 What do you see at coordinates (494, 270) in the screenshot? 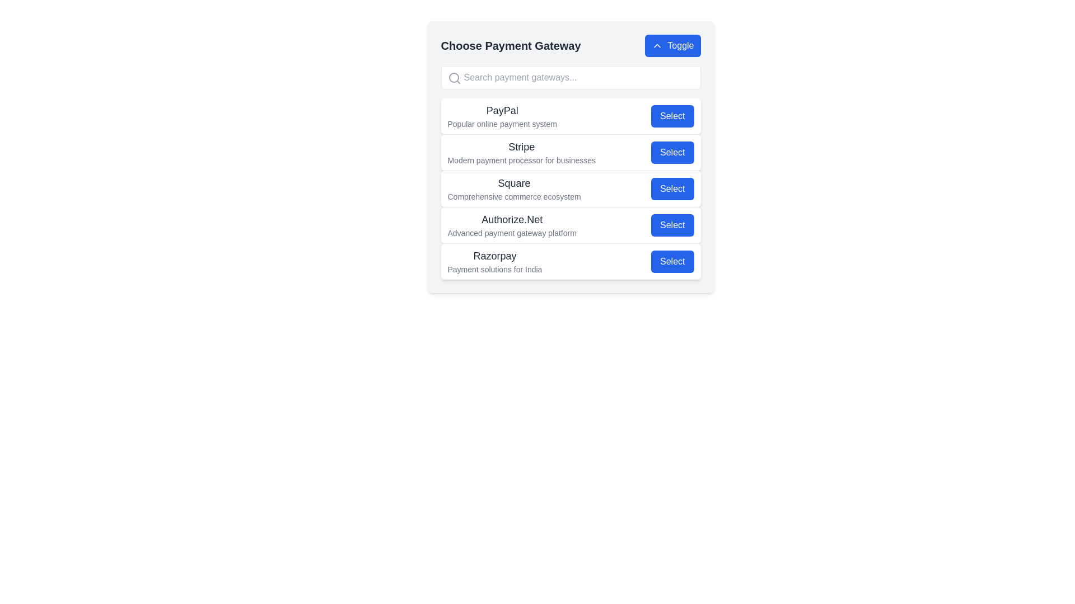
I see `the text label that reads 'Payment solutions for India', which is a small, gray, secondary text aligned below the bold primary label 'Razorpay'` at bounding box center [494, 270].